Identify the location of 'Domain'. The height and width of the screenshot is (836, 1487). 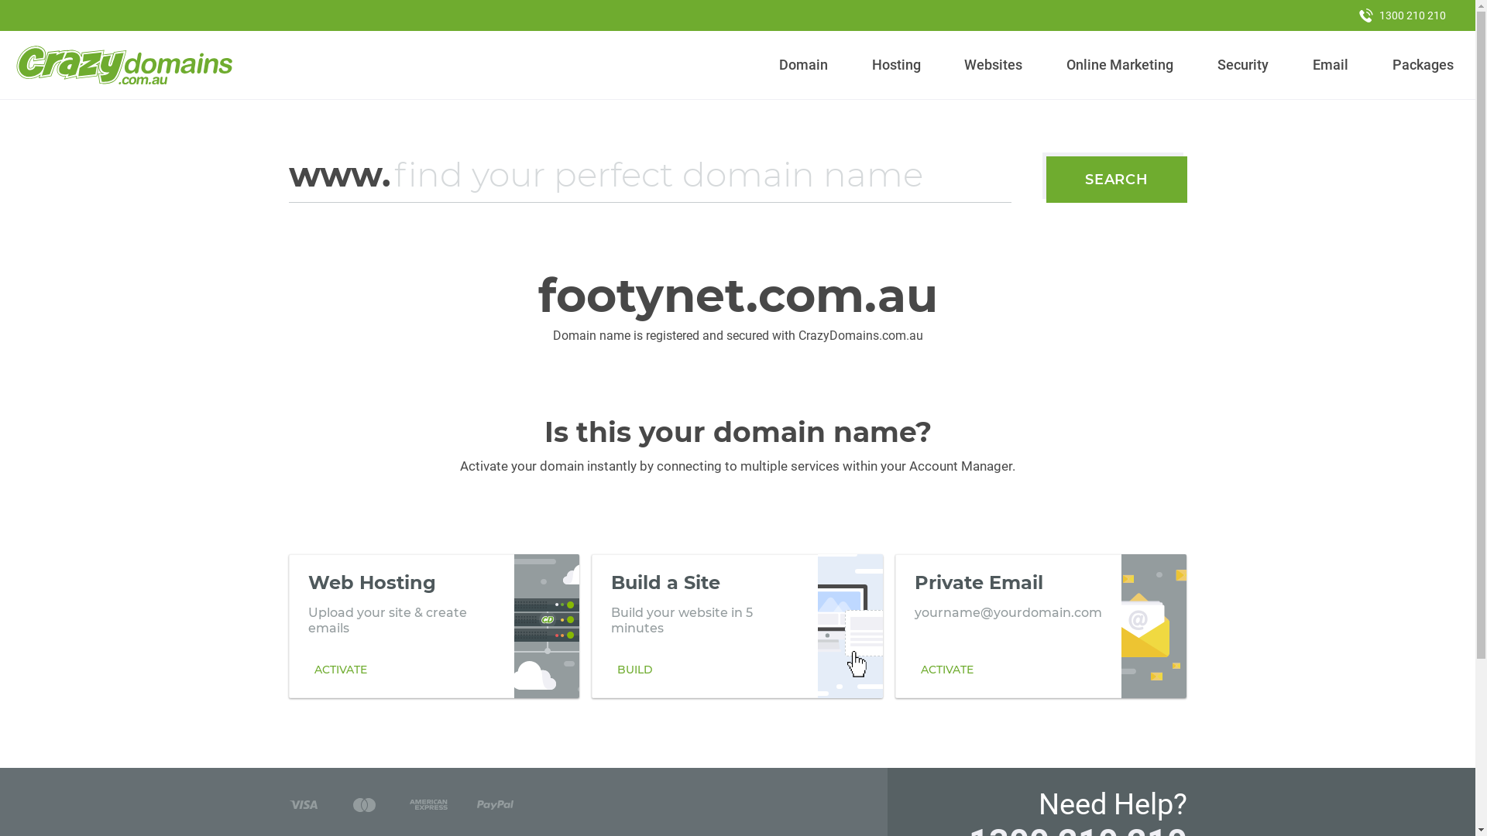
(773, 64).